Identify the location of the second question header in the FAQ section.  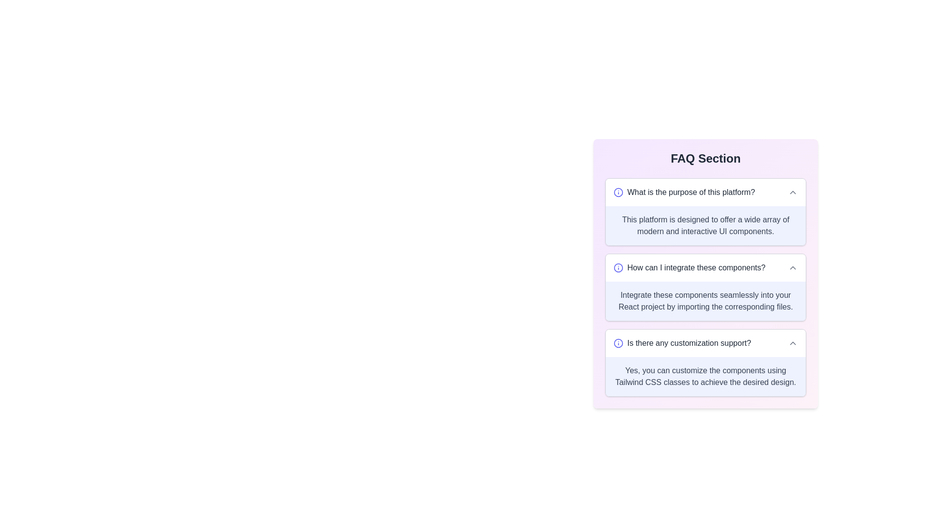
(706, 268).